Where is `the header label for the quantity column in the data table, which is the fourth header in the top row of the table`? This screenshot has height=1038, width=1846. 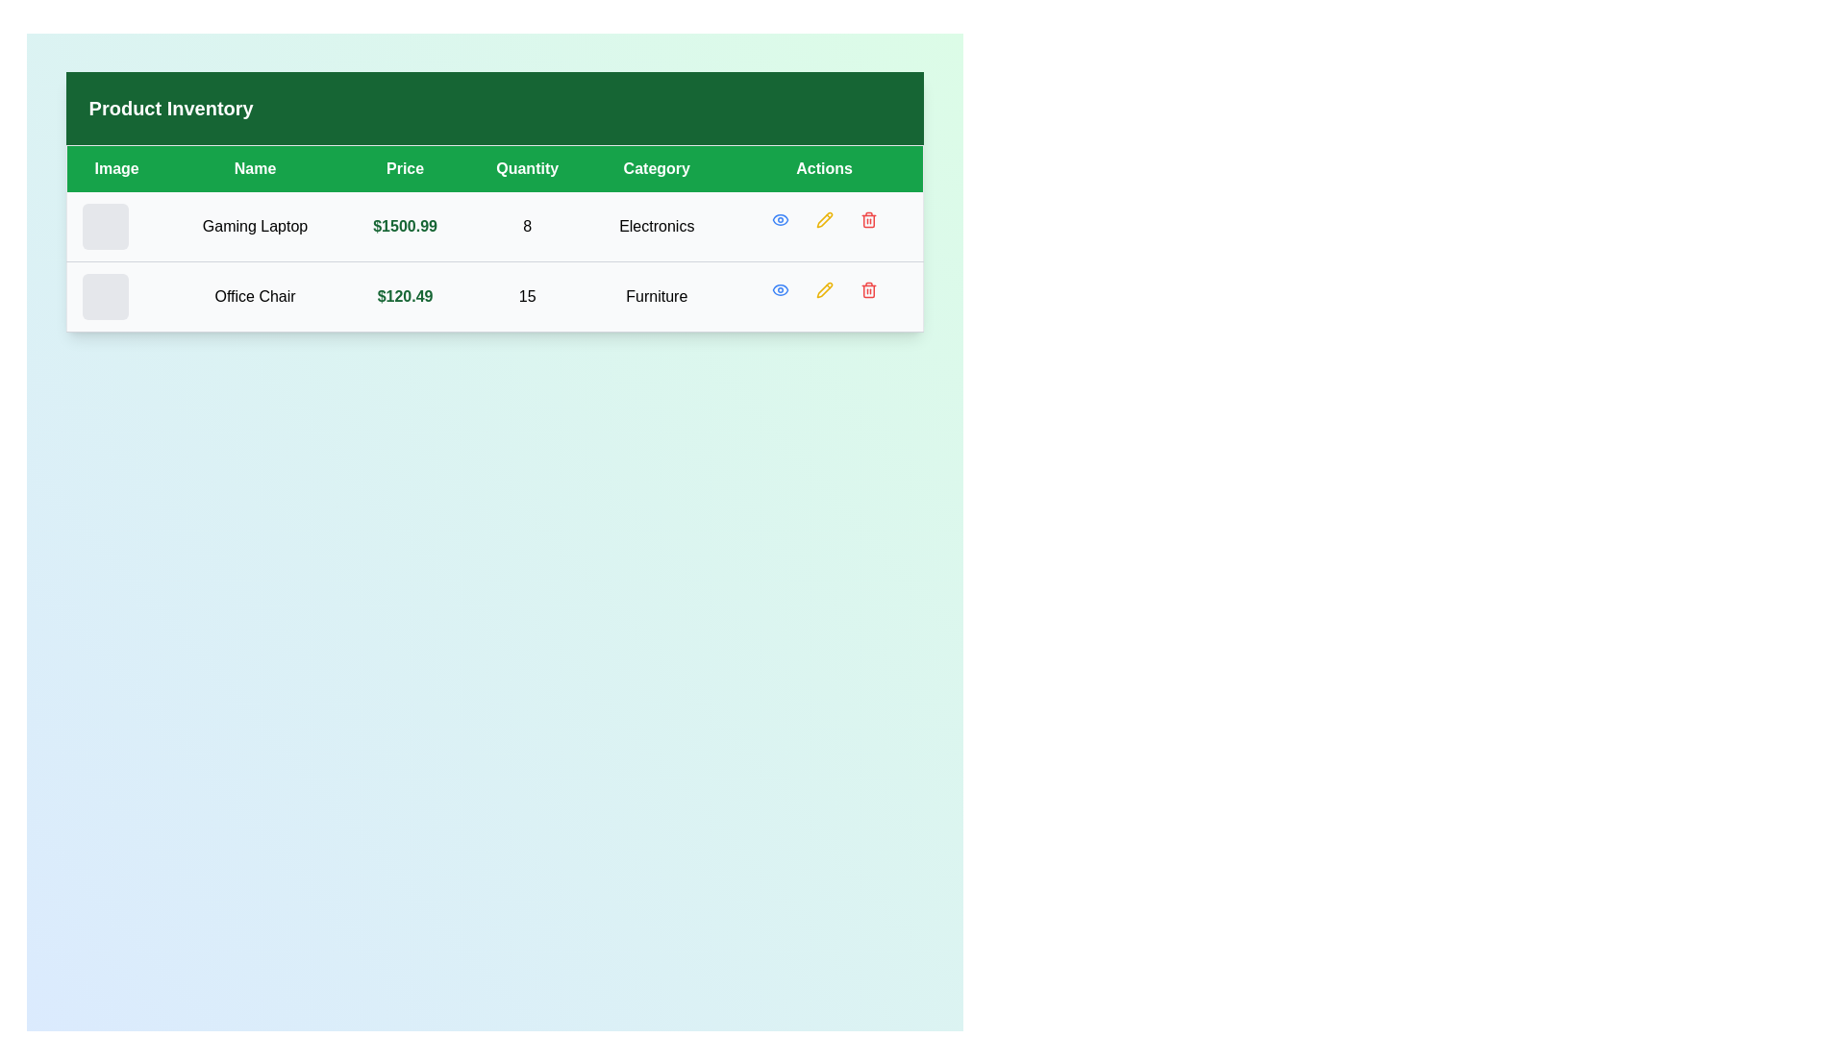
the header label for the quantity column in the data table, which is the fourth header in the top row of the table is located at coordinates (527, 167).